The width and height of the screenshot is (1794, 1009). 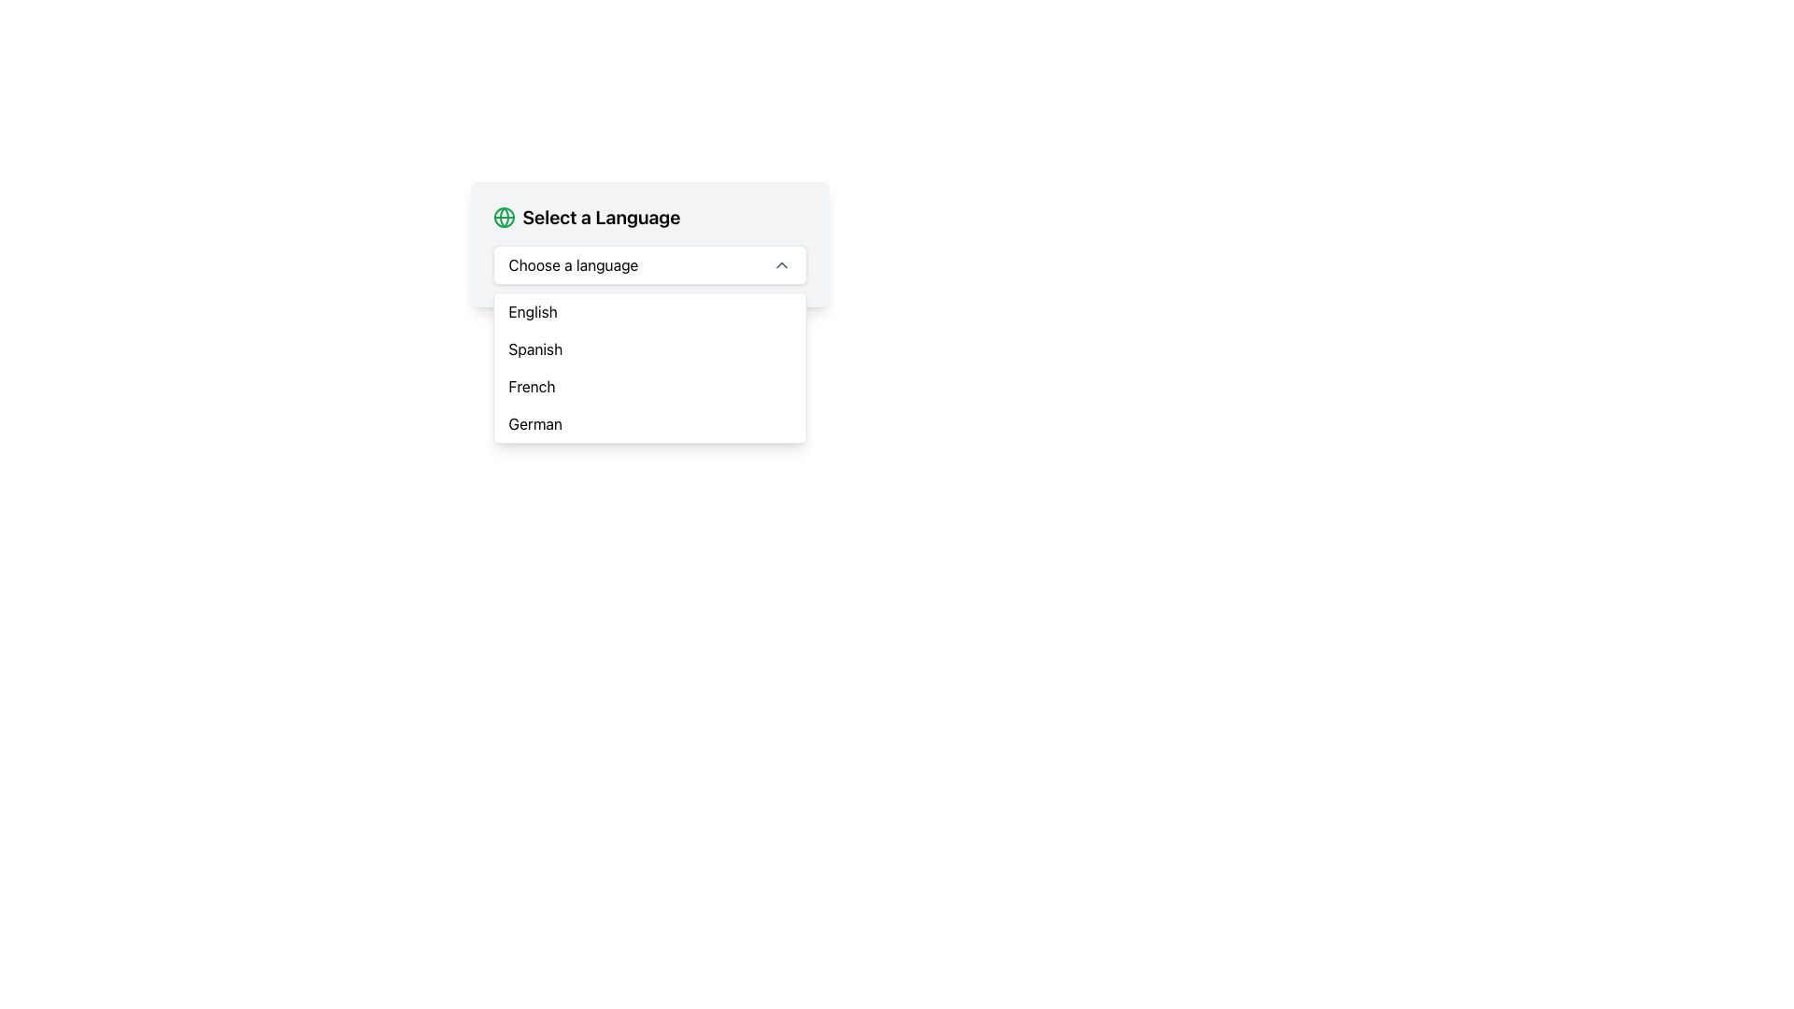 I want to click on the 'Spanish' option in the language selection dropdown menu, so click(x=534, y=349).